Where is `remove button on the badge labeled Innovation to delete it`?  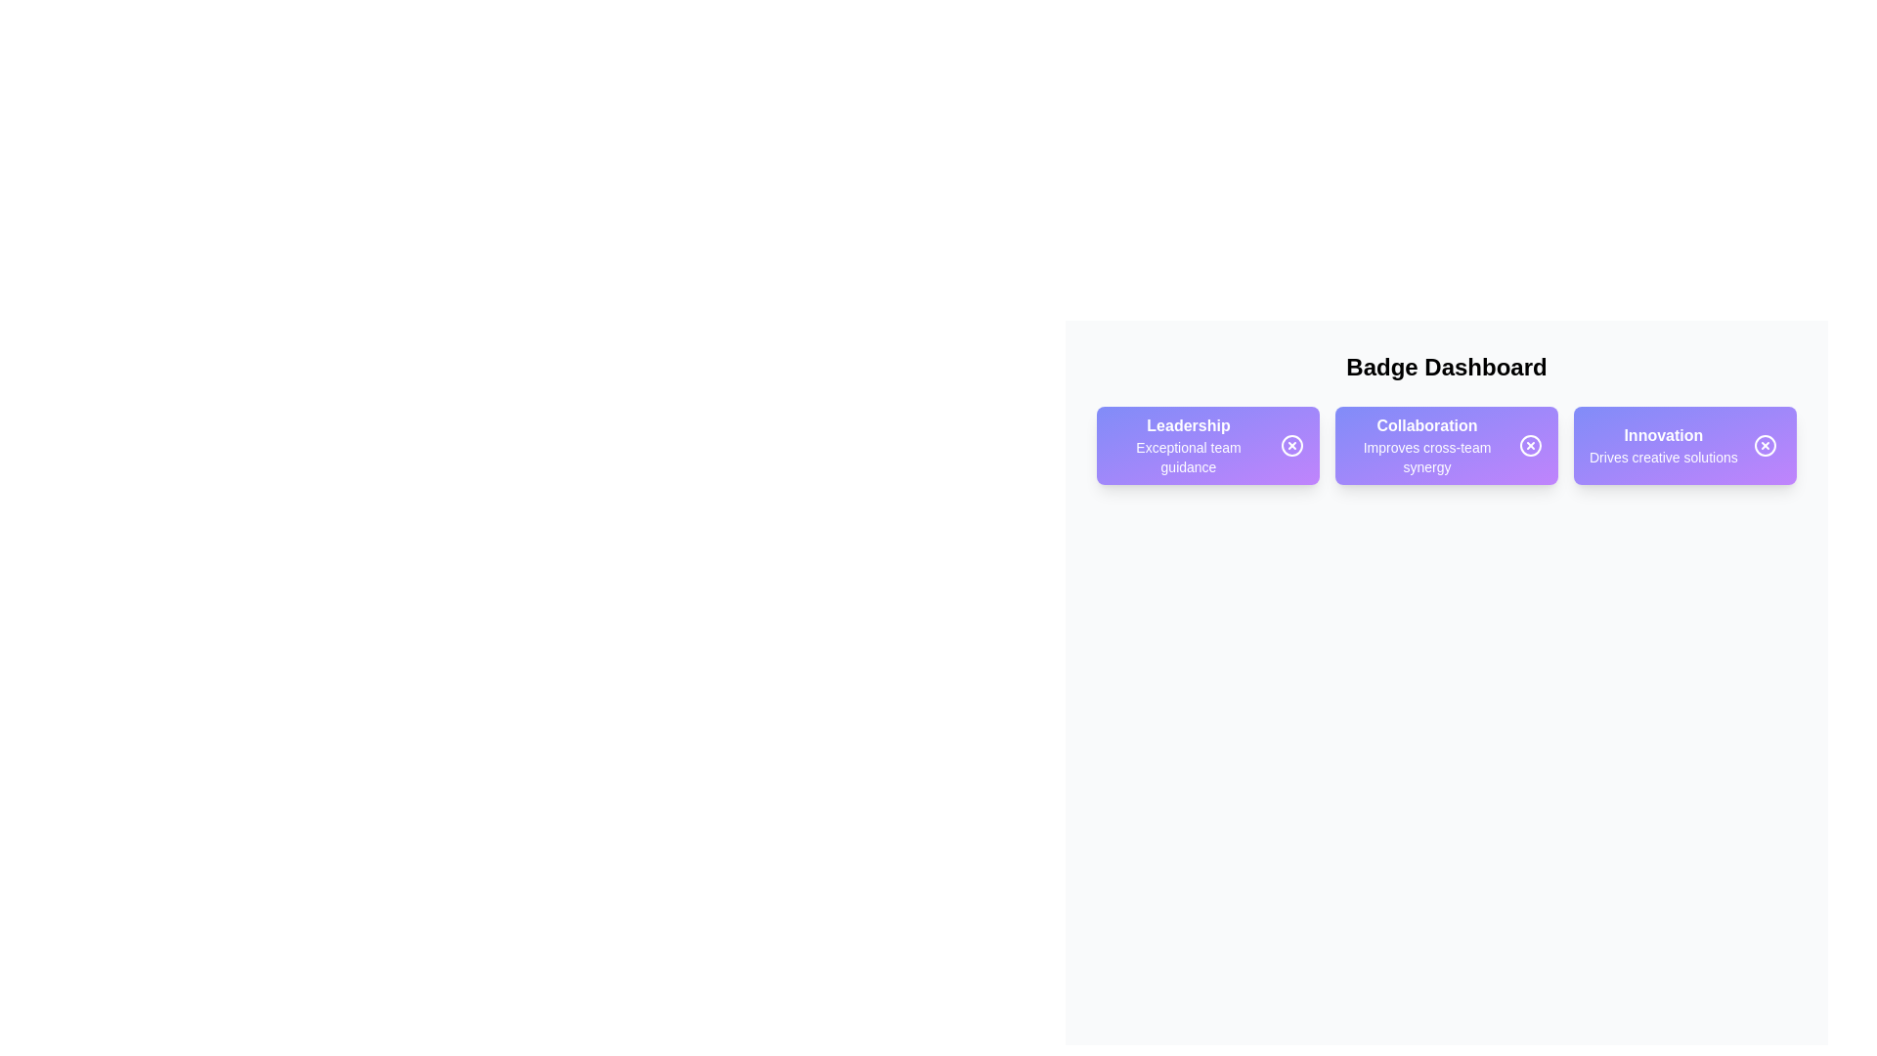 remove button on the badge labeled Innovation to delete it is located at coordinates (1764, 445).